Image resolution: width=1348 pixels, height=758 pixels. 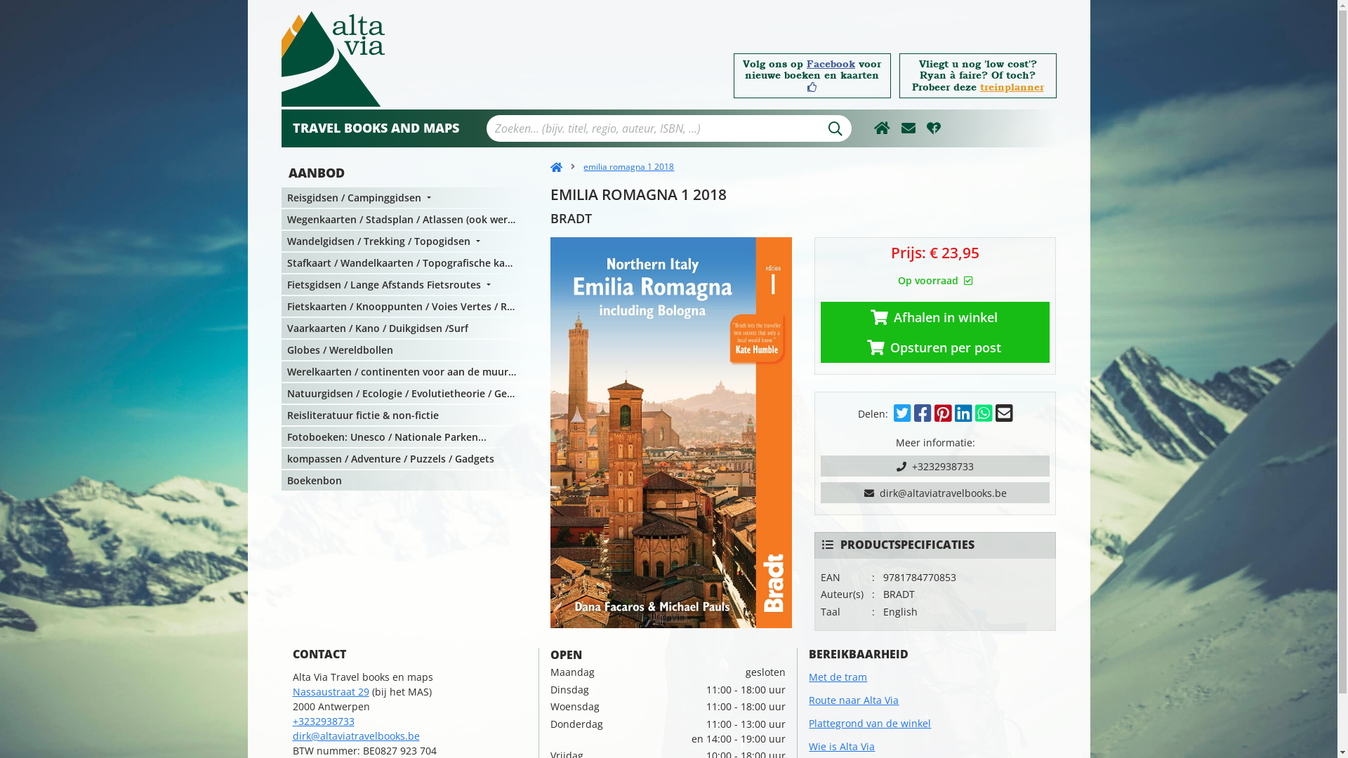 What do you see at coordinates (329, 691) in the screenshot?
I see `'Nassaustraat 29'` at bounding box center [329, 691].